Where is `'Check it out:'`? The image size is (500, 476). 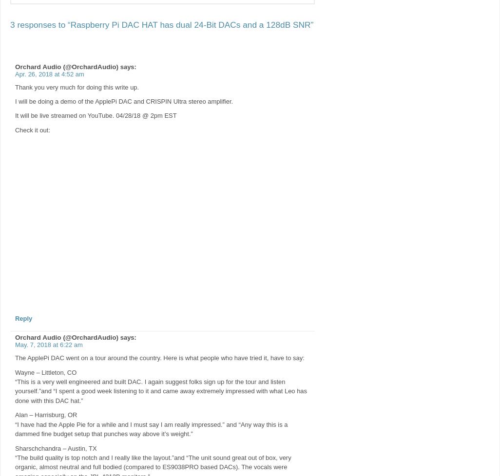
'Check it out:' is located at coordinates (32, 129).